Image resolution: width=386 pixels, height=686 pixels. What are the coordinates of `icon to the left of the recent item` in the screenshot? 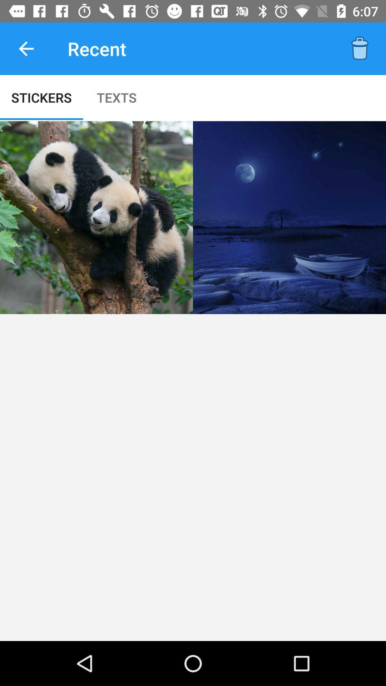 It's located at (26, 48).